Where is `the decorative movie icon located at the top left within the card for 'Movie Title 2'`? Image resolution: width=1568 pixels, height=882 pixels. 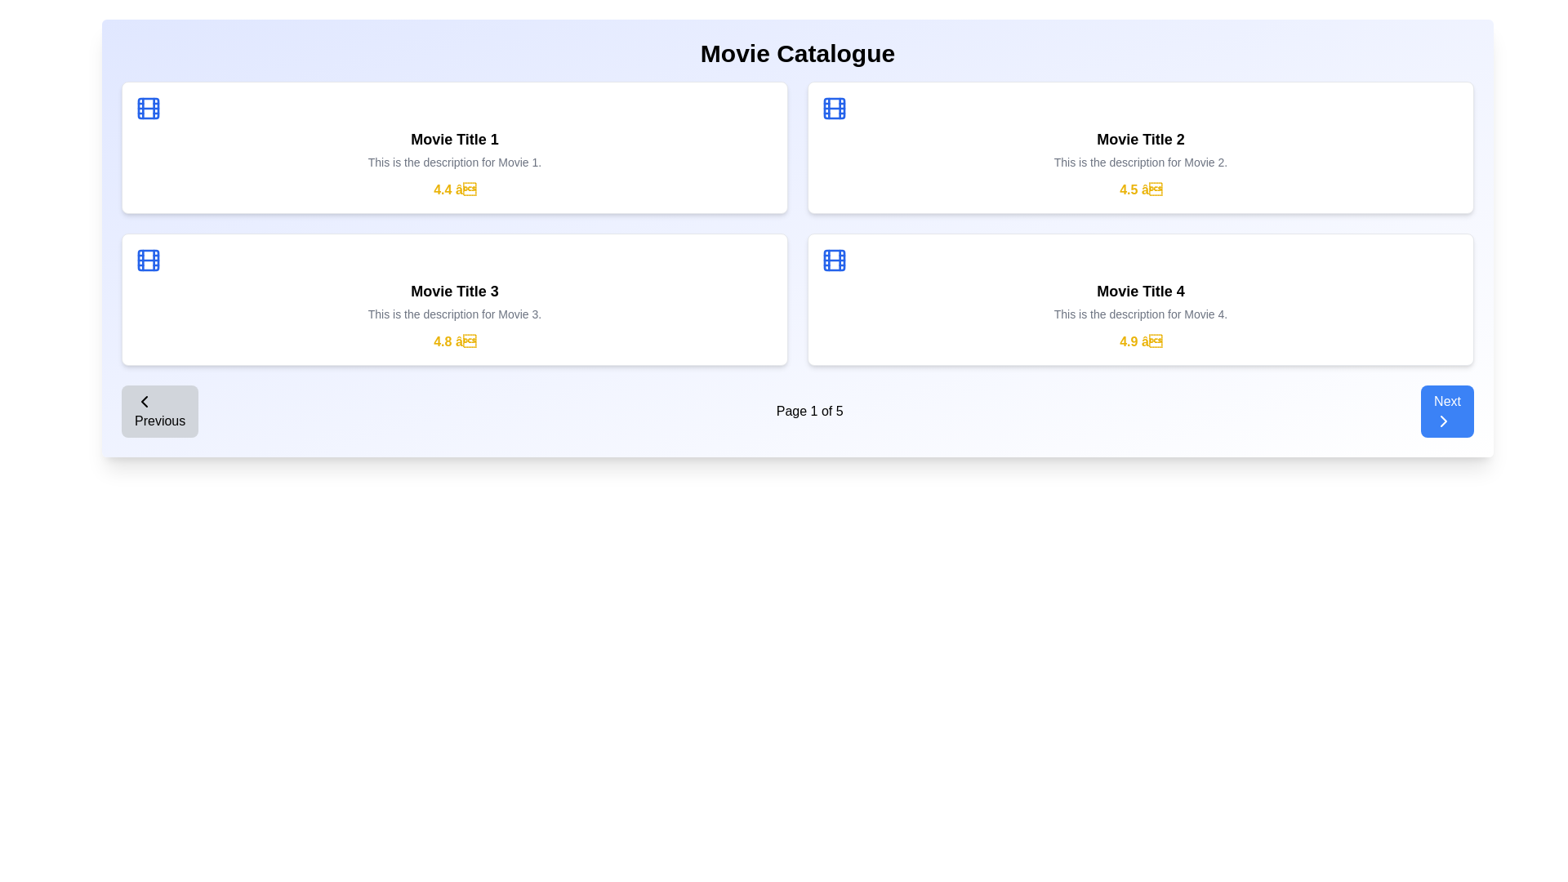 the decorative movie icon located at the top left within the card for 'Movie Title 2' is located at coordinates (835, 108).